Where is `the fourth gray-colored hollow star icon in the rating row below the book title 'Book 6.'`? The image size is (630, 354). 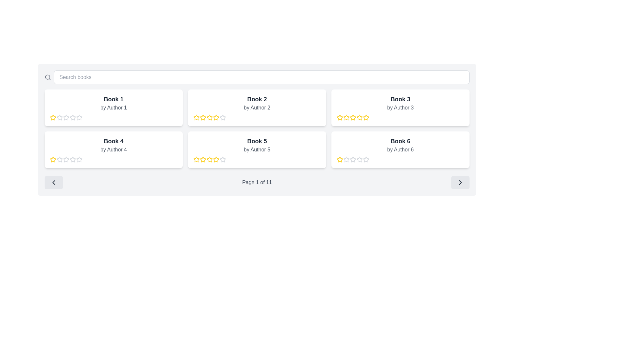 the fourth gray-colored hollow star icon in the rating row below the book title 'Book 6.' is located at coordinates (352, 159).